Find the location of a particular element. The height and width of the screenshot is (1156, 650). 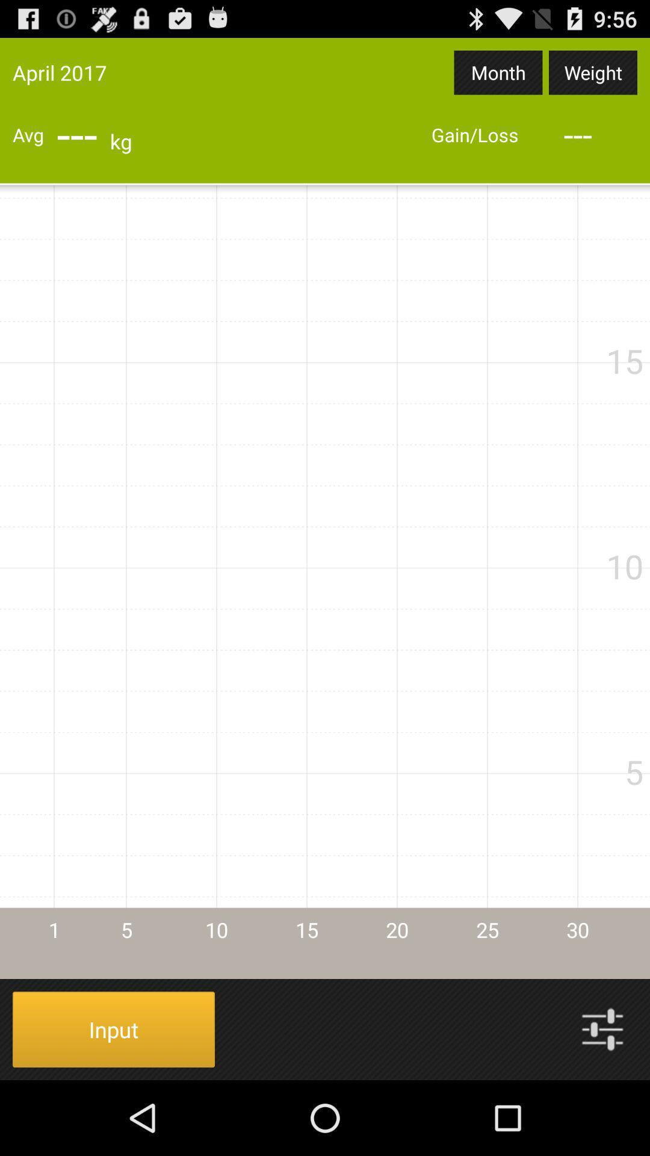

the icon above --- is located at coordinates (498, 72).